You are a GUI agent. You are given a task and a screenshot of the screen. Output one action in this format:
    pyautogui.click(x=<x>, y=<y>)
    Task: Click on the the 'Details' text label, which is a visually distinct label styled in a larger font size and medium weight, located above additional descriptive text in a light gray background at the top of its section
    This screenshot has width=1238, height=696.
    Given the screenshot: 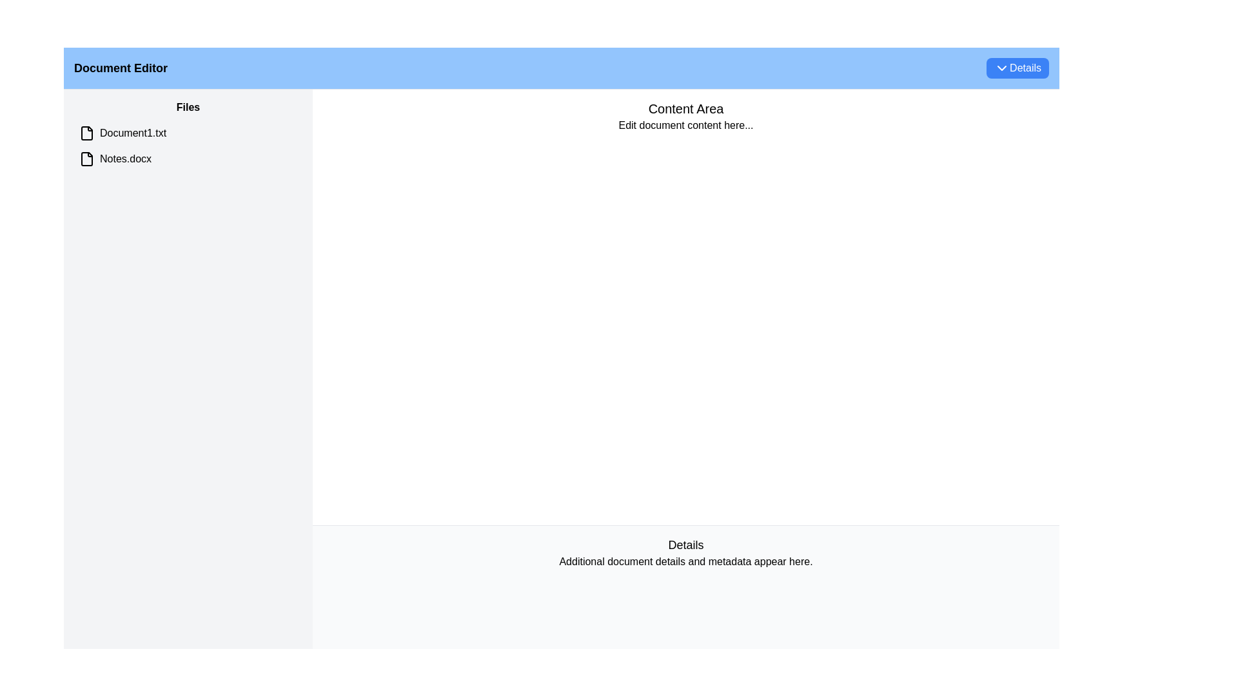 What is the action you would take?
    pyautogui.click(x=685, y=544)
    